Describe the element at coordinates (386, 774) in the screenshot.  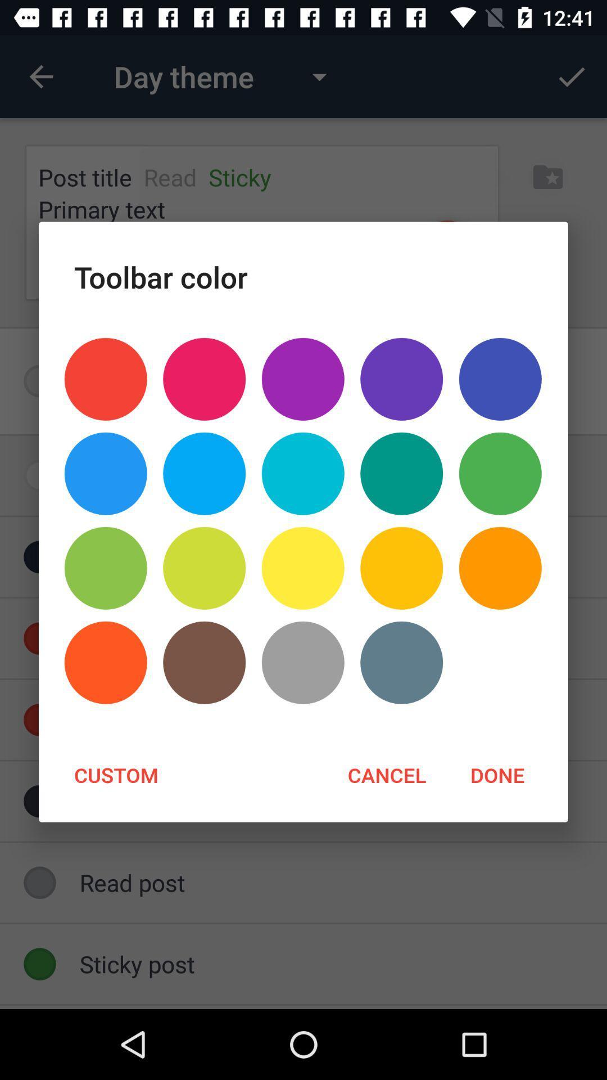
I see `item to the right of custom` at that location.